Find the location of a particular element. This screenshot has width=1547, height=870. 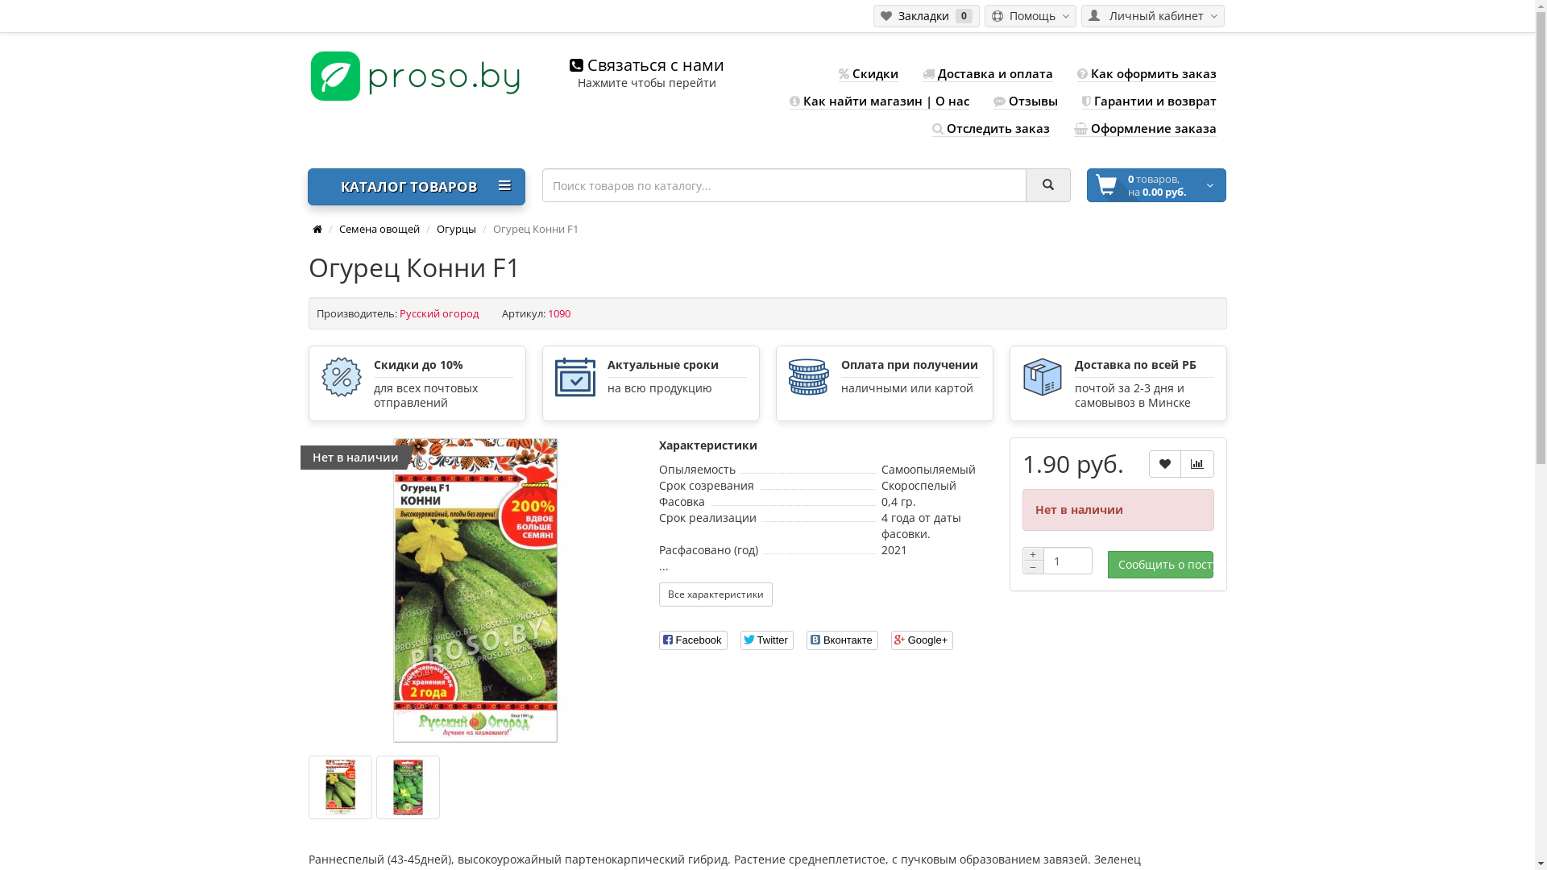

'+' is located at coordinates (1033, 553).